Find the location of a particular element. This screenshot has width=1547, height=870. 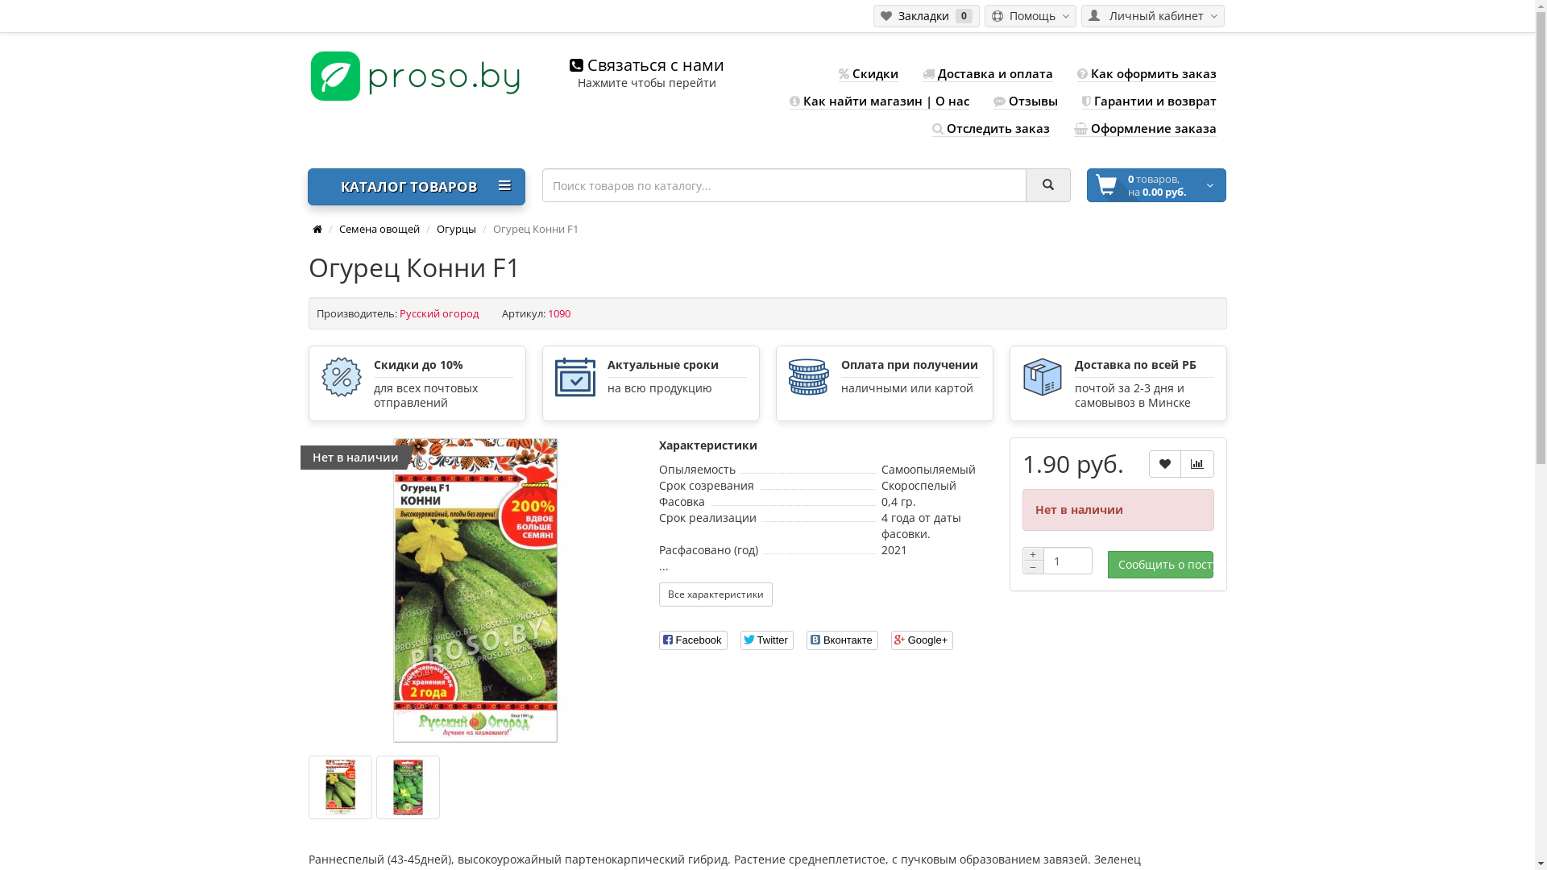

'+' is located at coordinates (1033, 553).